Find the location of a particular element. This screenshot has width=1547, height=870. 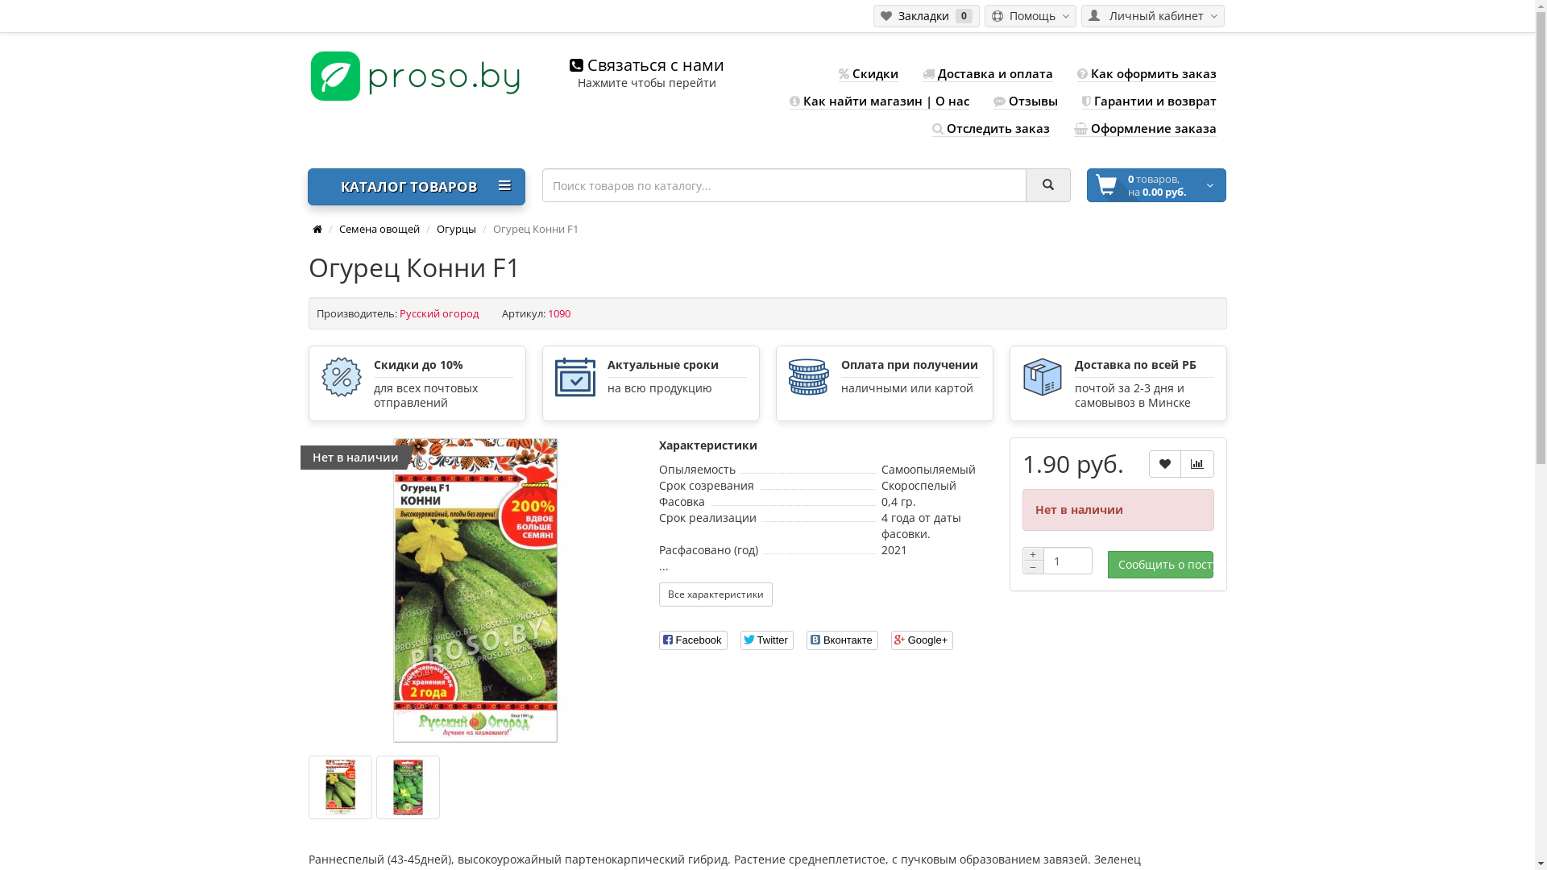

'+' is located at coordinates (1033, 553).